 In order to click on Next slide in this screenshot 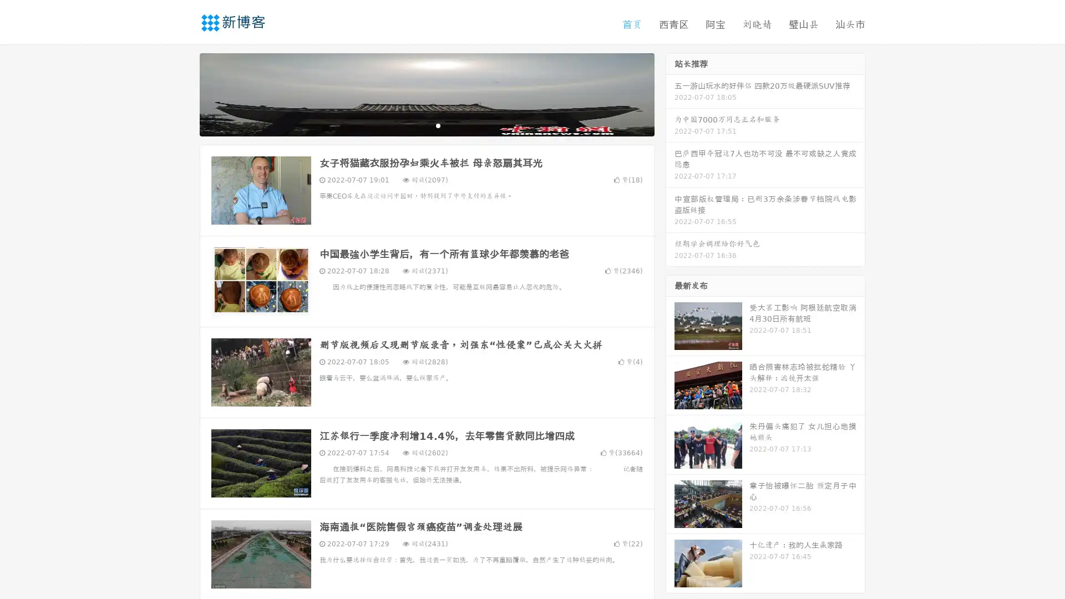, I will do `click(670, 93)`.